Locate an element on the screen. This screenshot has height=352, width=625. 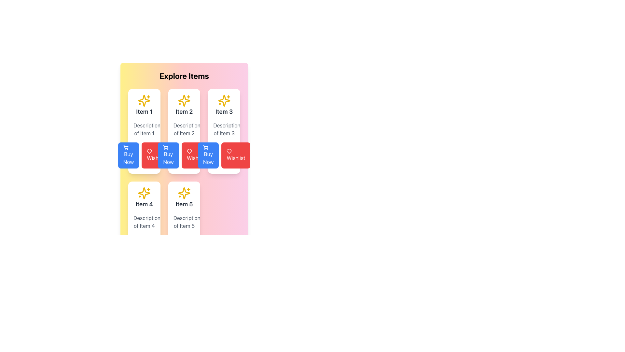
the text element displaying 'Description of Item 3', which is styled in gray and located below the title 'Item 3' within the third card of the 'Explore Items' section is located at coordinates (224, 129).